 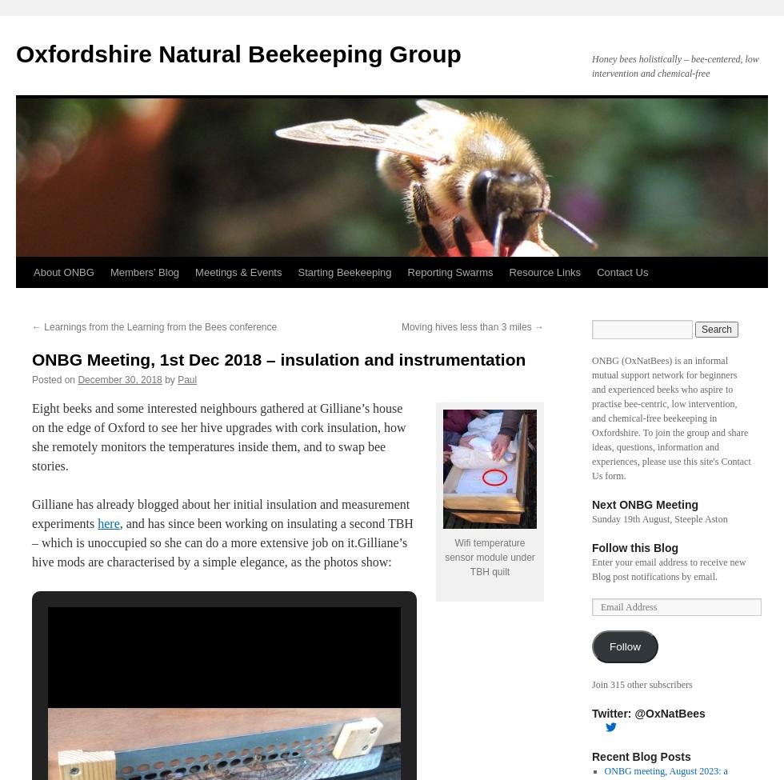 What do you see at coordinates (648, 713) in the screenshot?
I see `'Twitter: @OxNatBees'` at bounding box center [648, 713].